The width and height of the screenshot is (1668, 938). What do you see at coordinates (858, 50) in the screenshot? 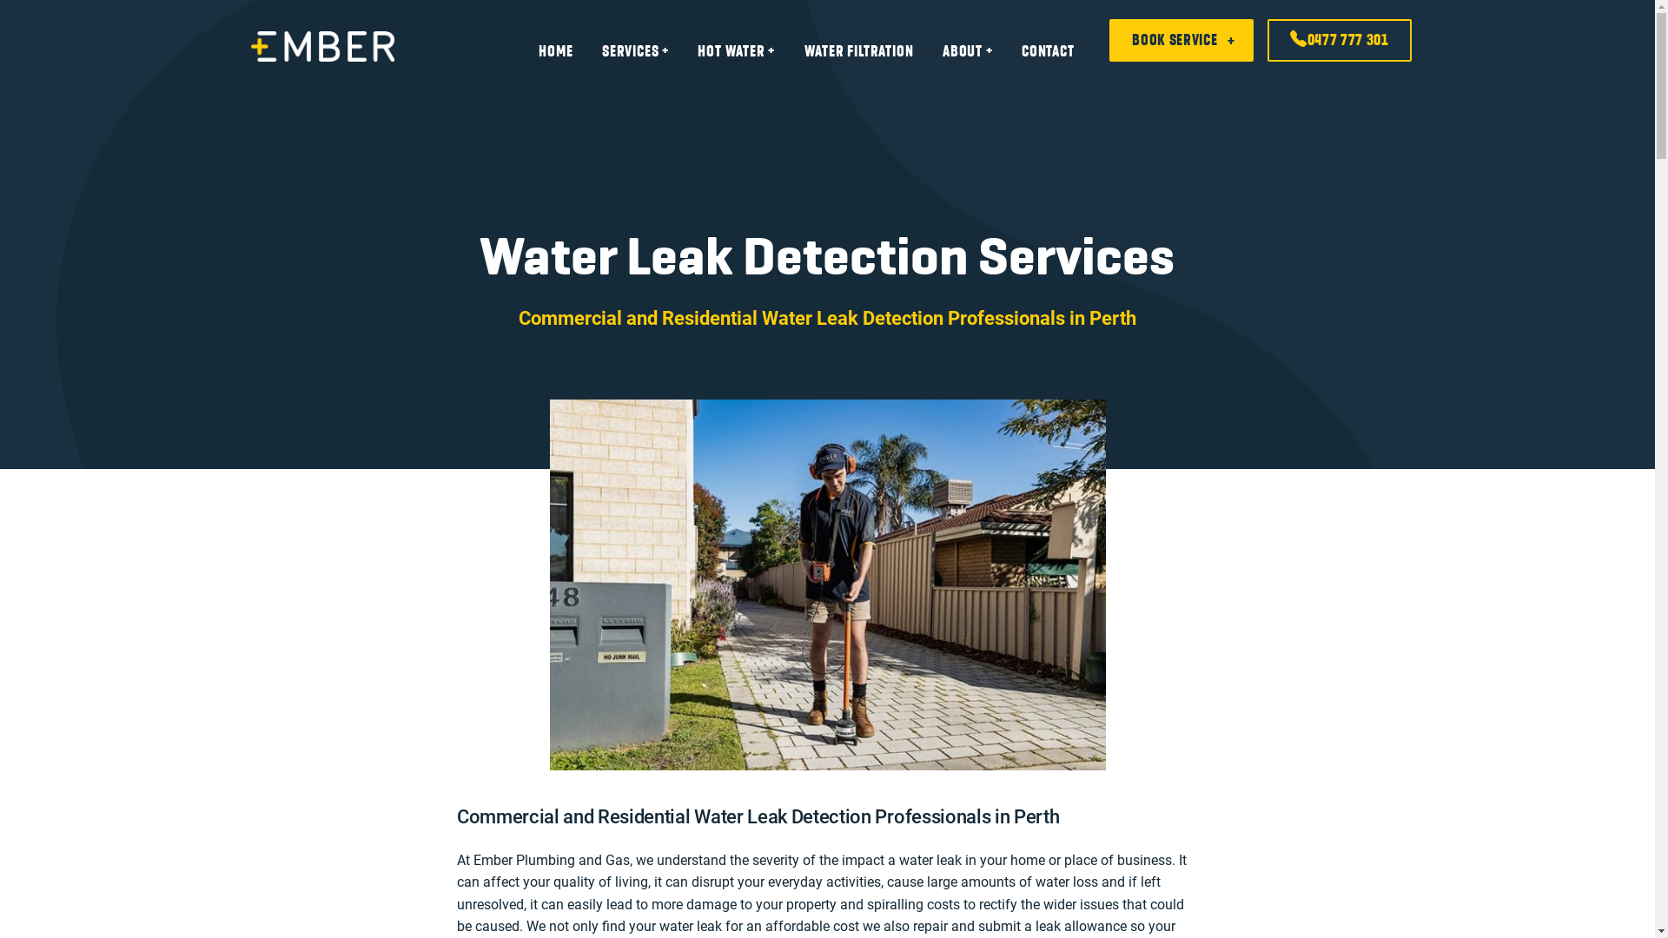
I see `'WATER FILTRATION'` at bounding box center [858, 50].